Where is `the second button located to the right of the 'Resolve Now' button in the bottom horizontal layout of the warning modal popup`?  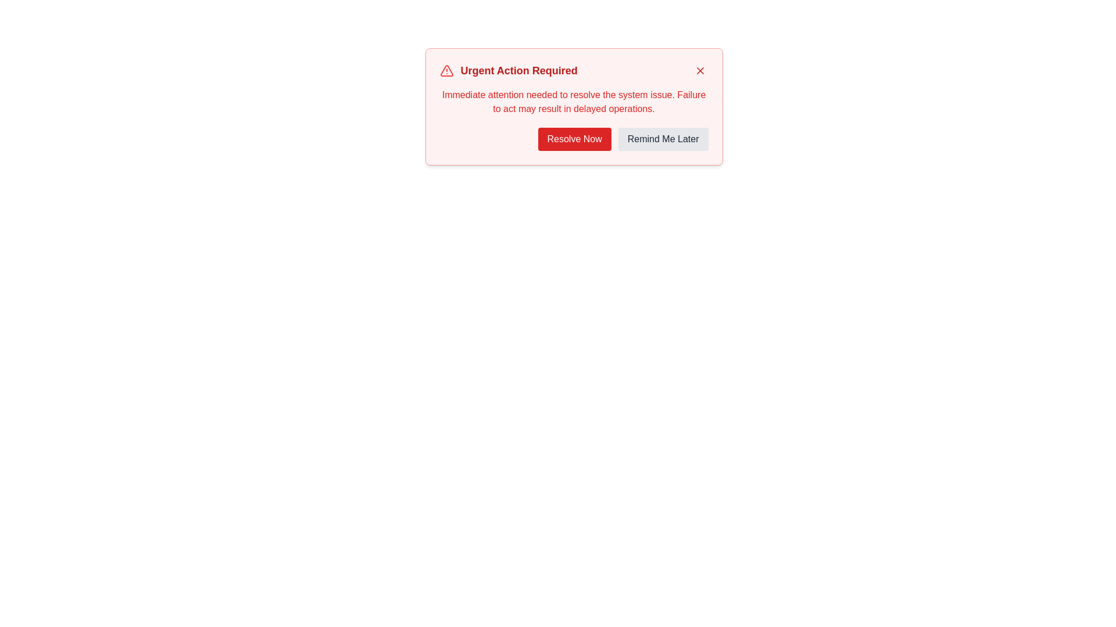 the second button located to the right of the 'Resolve Now' button in the bottom horizontal layout of the warning modal popup is located at coordinates (663, 138).